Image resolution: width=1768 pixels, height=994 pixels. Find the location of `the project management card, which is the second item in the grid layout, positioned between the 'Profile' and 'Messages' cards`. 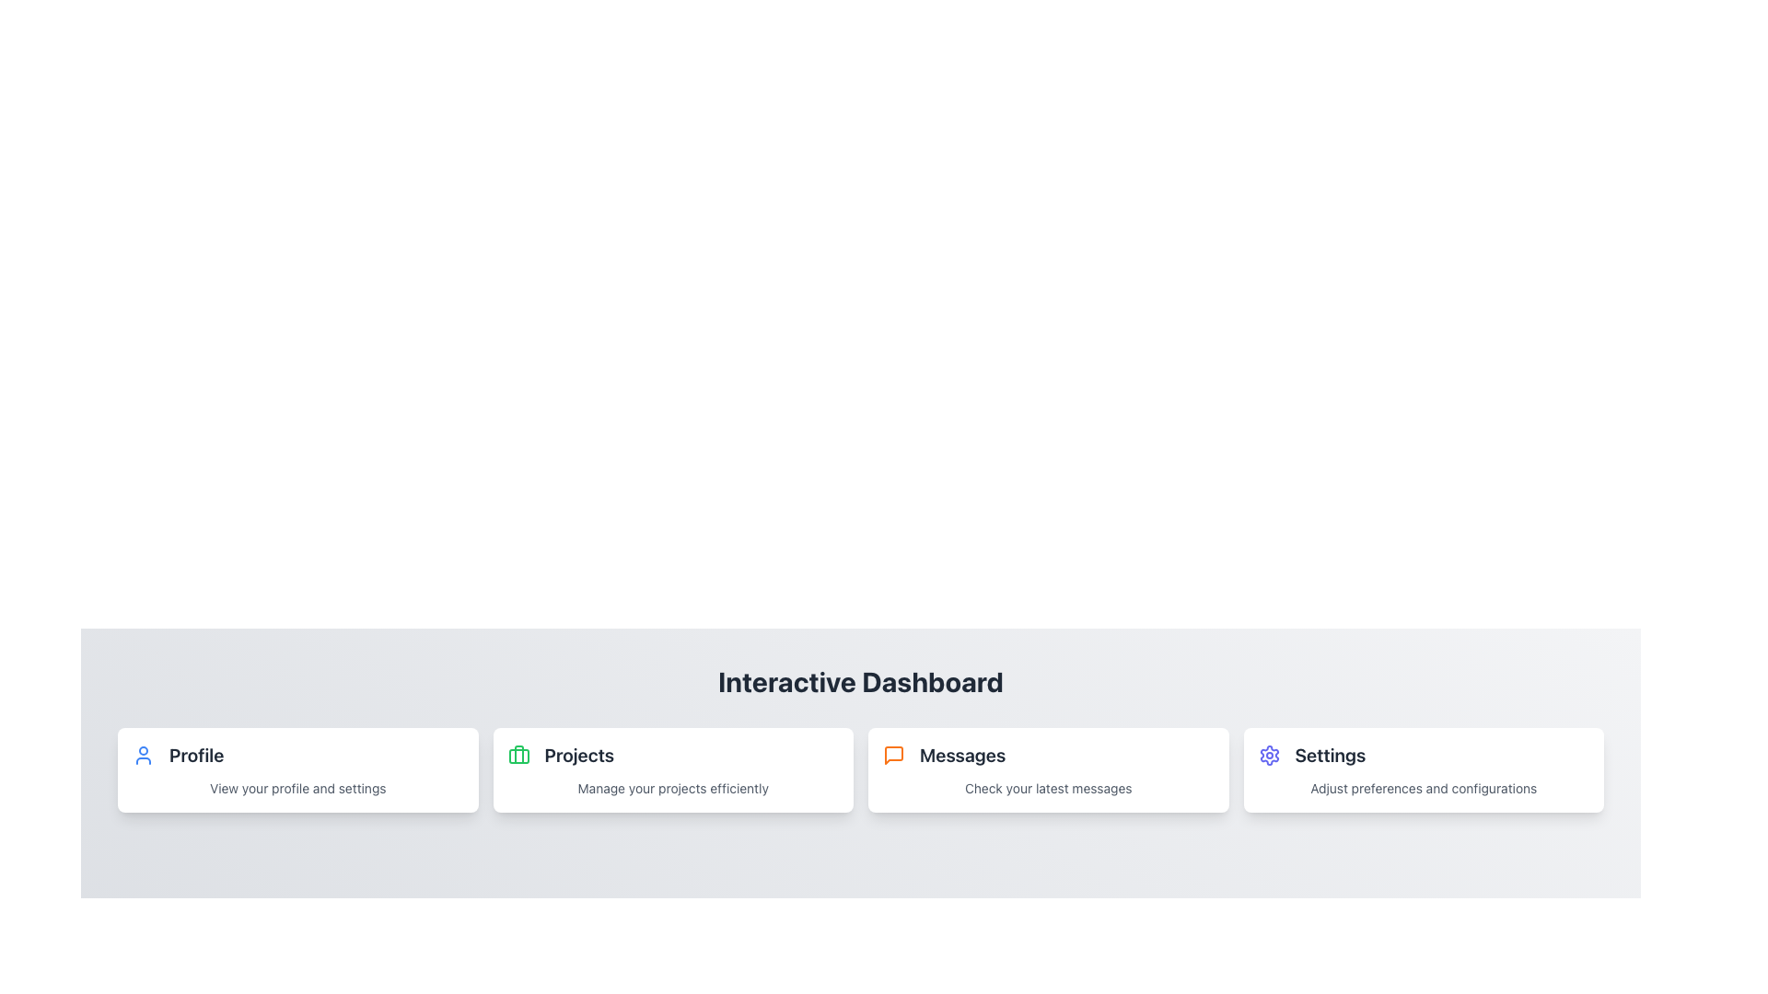

the project management card, which is the second item in the grid layout, positioned between the 'Profile' and 'Messages' cards is located at coordinates (672, 770).